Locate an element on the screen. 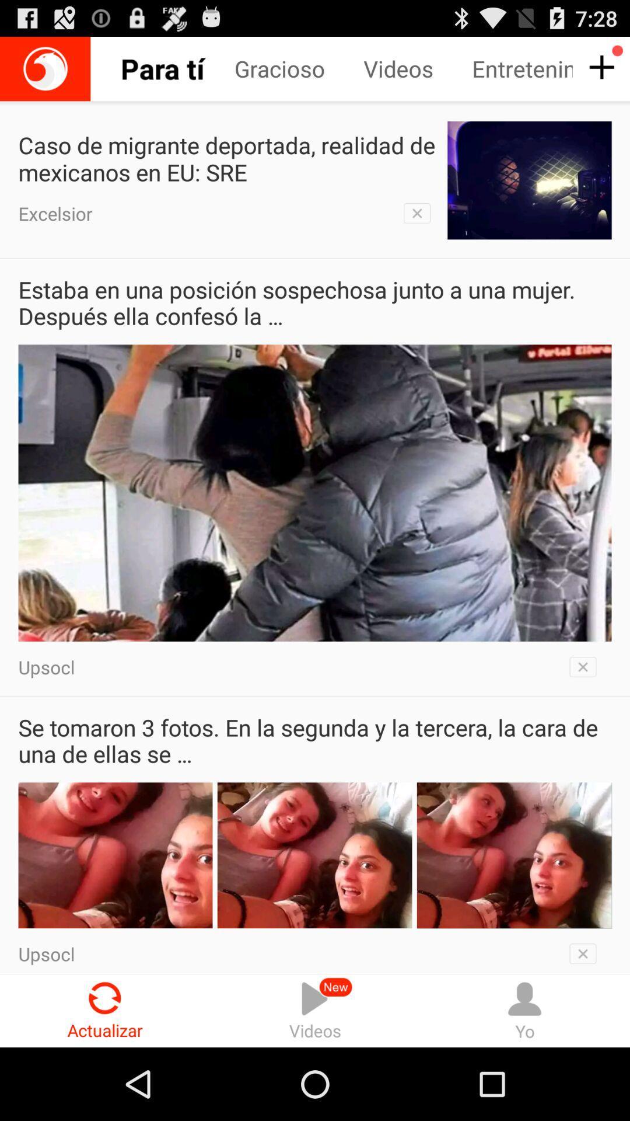  remove from view is located at coordinates (586, 951).